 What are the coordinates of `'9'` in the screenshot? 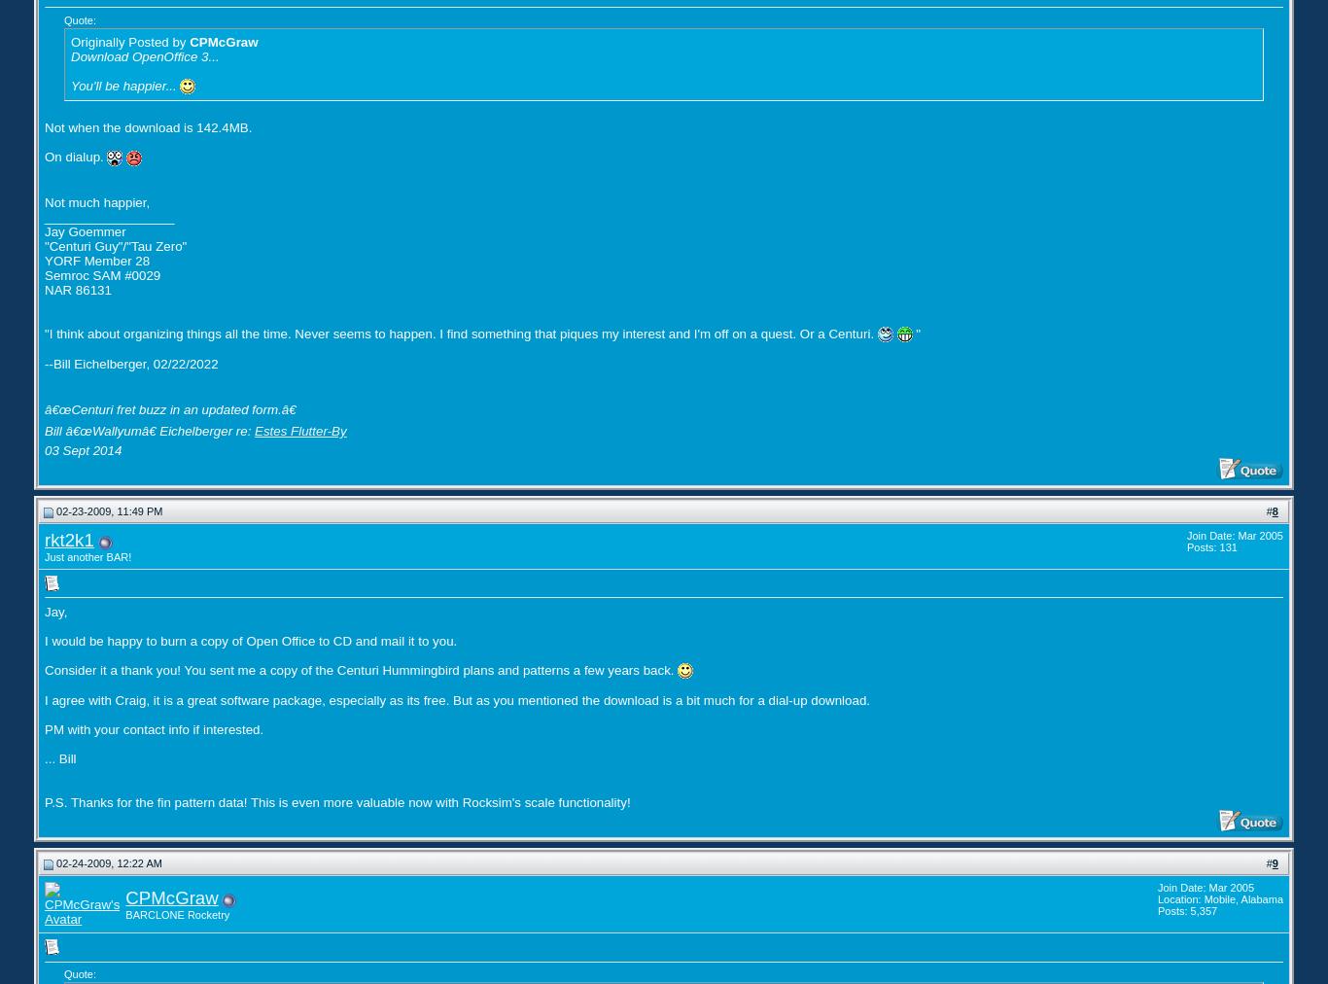 It's located at (1273, 863).